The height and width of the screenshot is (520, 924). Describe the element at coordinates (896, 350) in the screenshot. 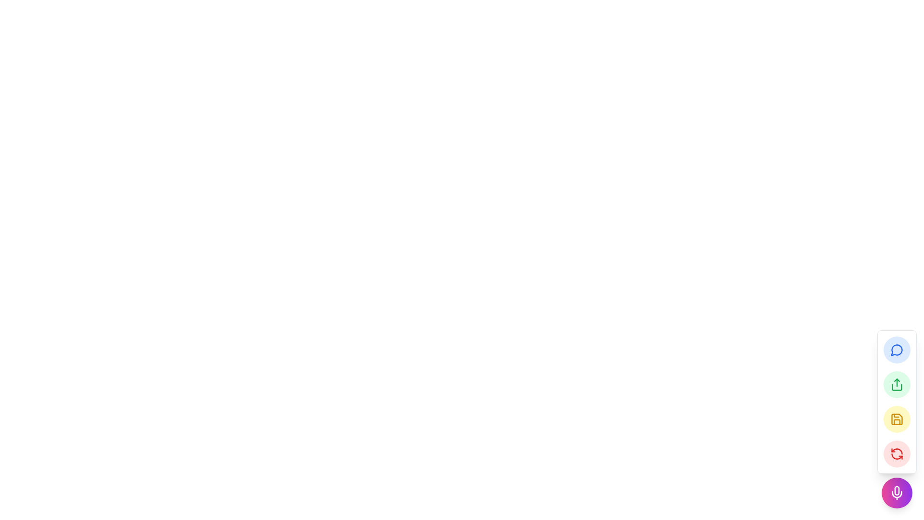

I see `the topmost icon button in the vertical menu bar on the right side of the interface` at that location.